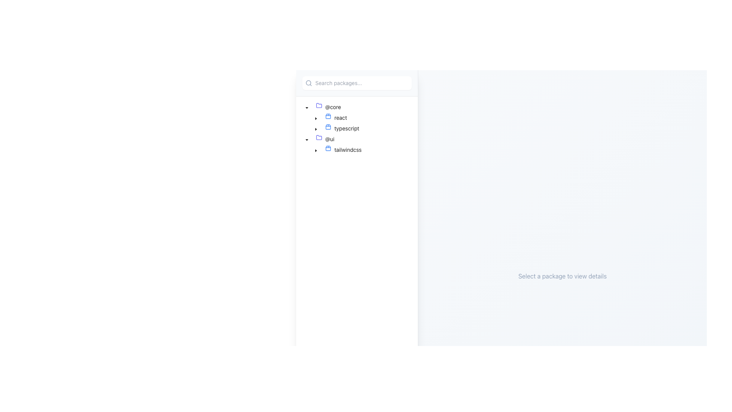  I want to click on the first visible visual spacer (indentation marker) in the indentation hierarchy for the leaf item titled 'typescript' in the tree view component, so click(307, 128).